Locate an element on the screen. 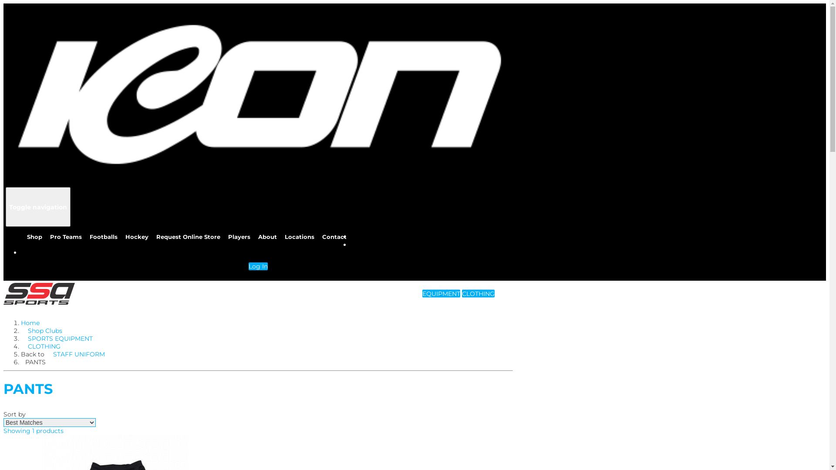 The width and height of the screenshot is (836, 470). 'Log In' is located at coordinates (258, 266).